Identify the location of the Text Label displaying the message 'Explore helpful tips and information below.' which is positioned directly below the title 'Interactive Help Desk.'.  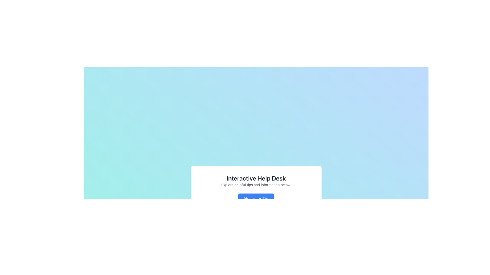
(256, 185).